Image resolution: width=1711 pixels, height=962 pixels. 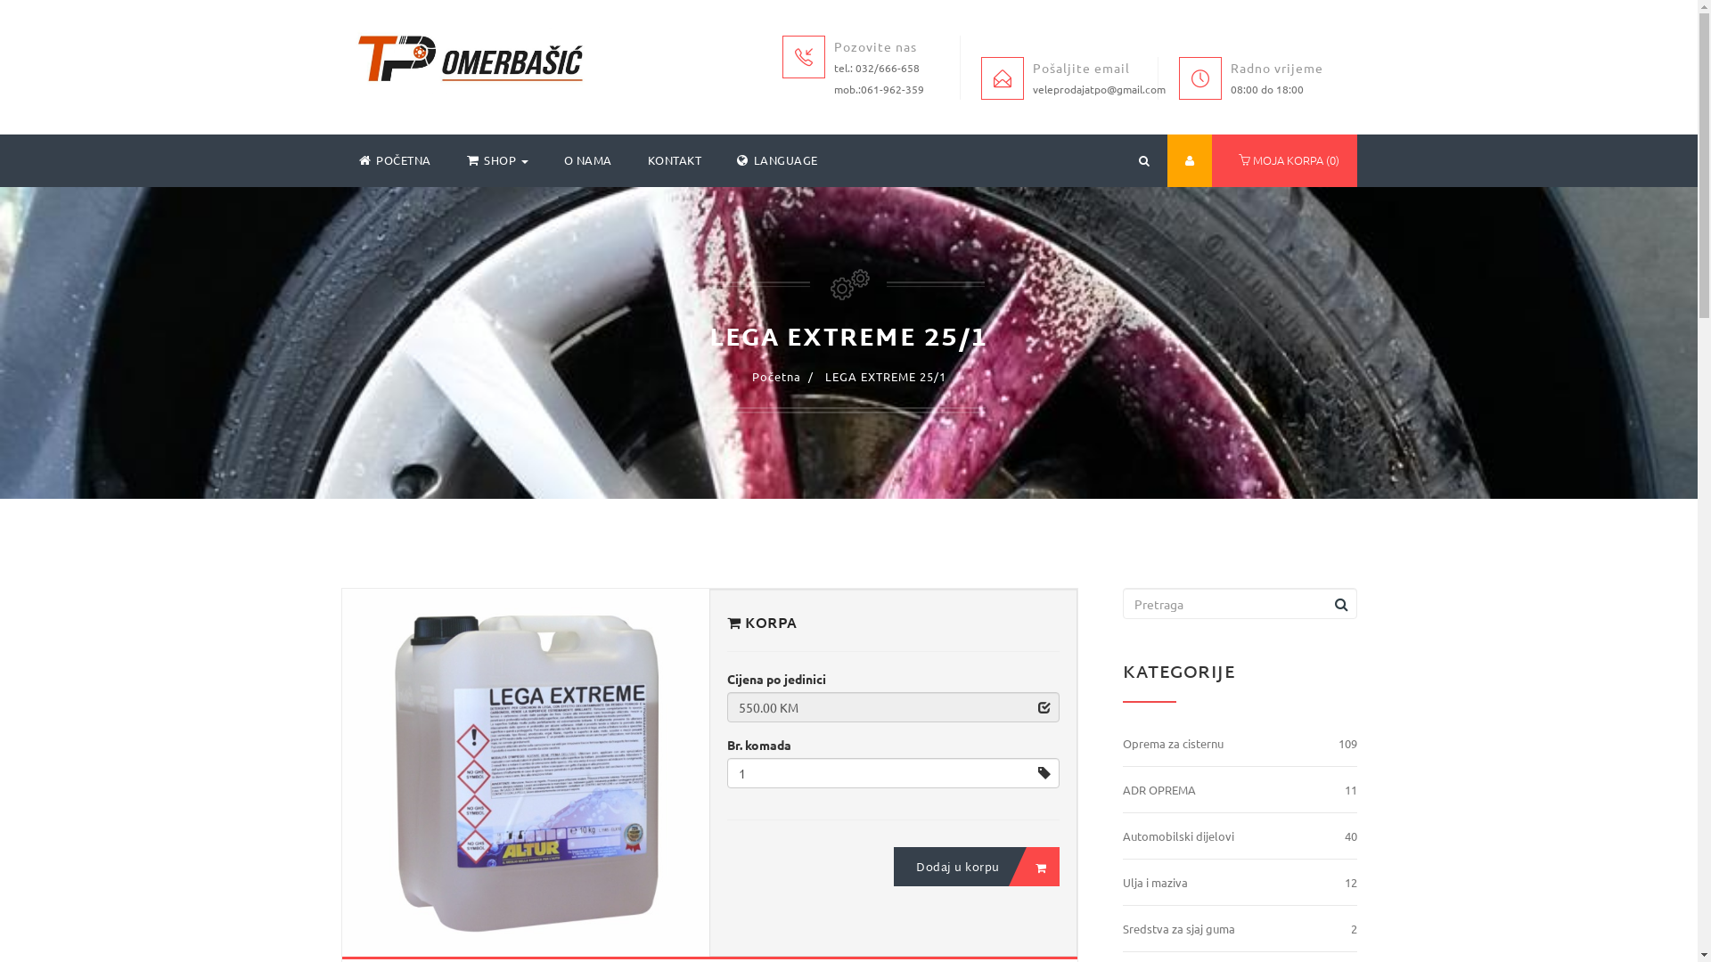 What do you see at coordinates (1121, 744) in the screenshot?
I see `'Oprema za cisternu` at bounding box center [1121, 744].